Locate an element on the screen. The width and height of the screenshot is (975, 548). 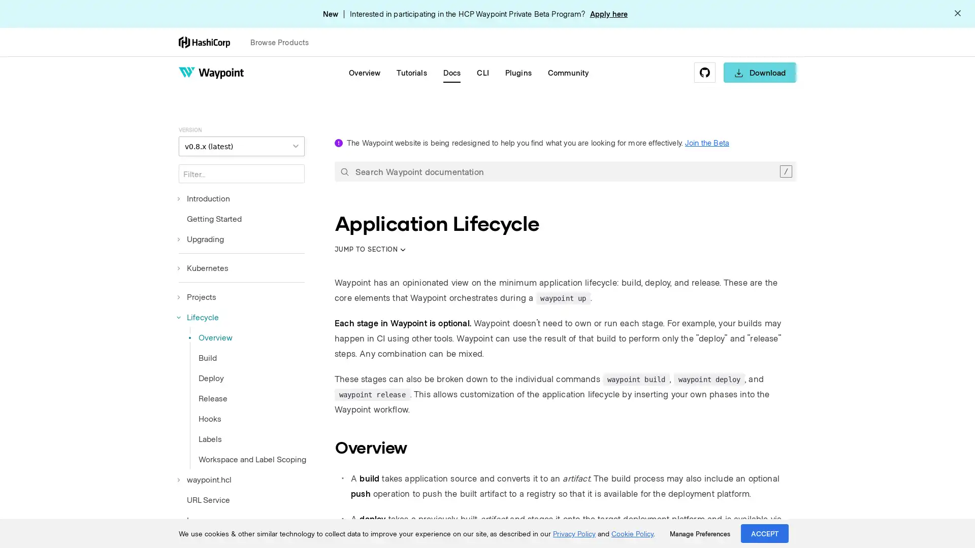
Browse Products Open this menu is located at coordinates (284, 42).